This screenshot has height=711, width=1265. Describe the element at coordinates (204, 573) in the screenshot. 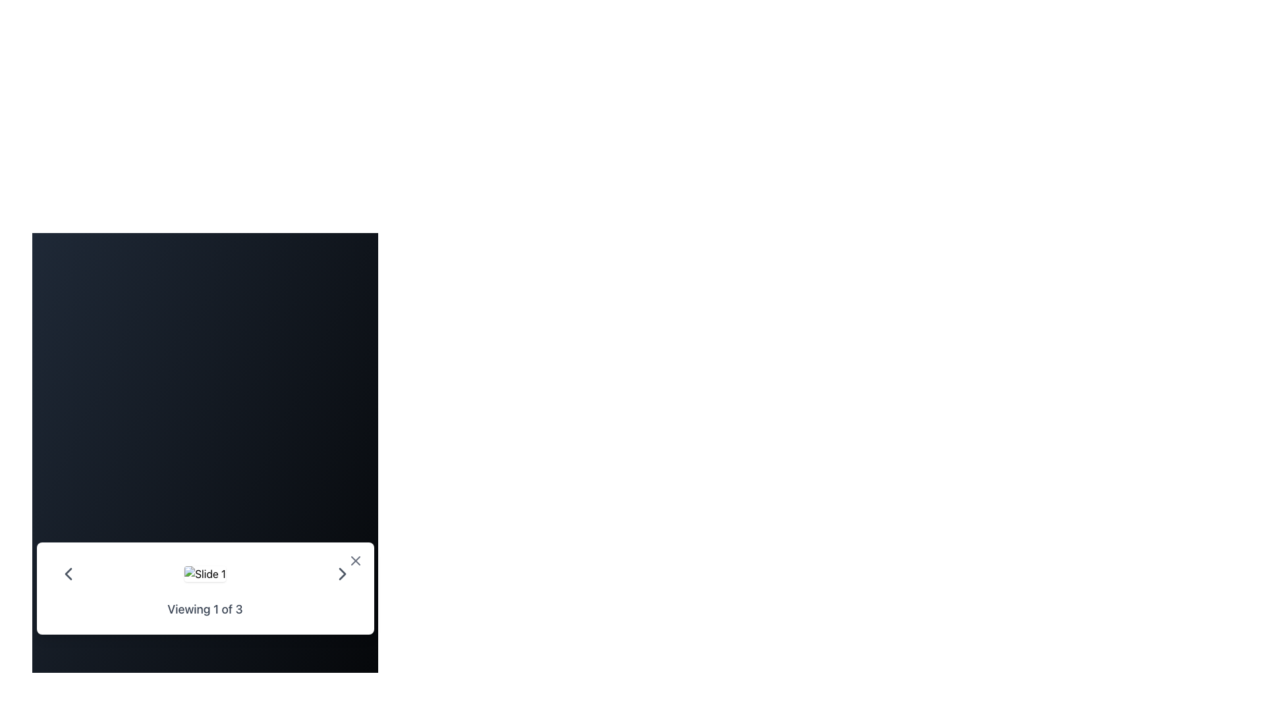

I see `the slideshow by clicking on the slider navigation section that includes the left and right arrow icons and the image placeholder labeled 'Slide 1'` at that location.